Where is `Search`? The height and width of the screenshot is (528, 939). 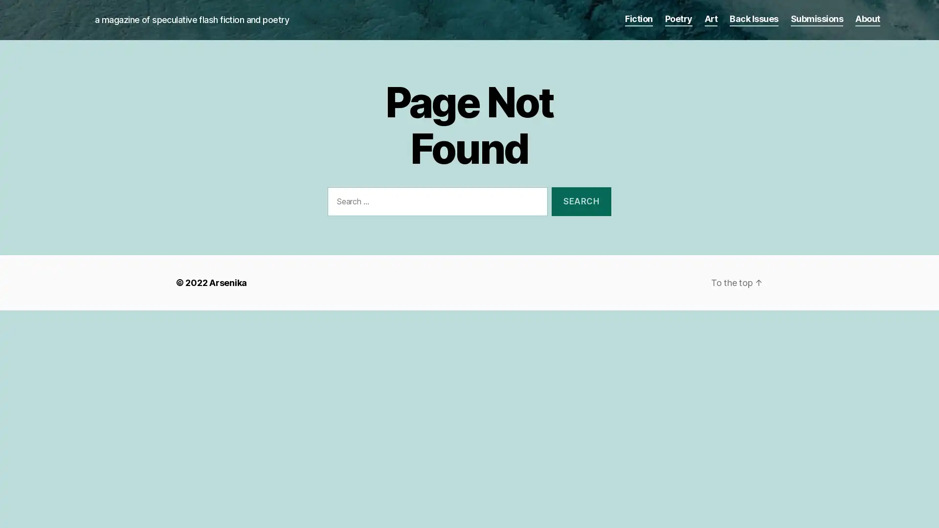
Search is located at coordinates (581, 247).